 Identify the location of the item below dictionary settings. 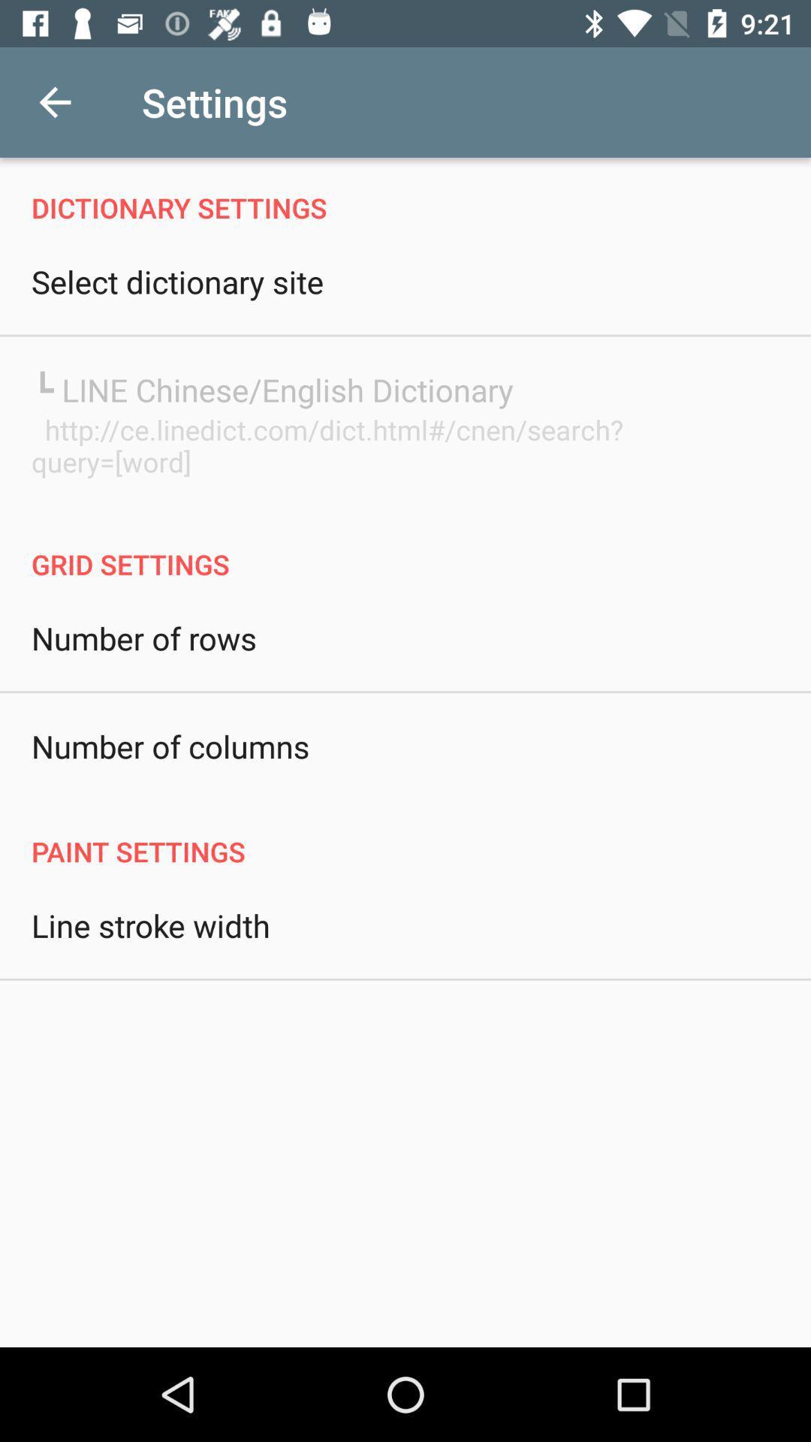
(176, 281).